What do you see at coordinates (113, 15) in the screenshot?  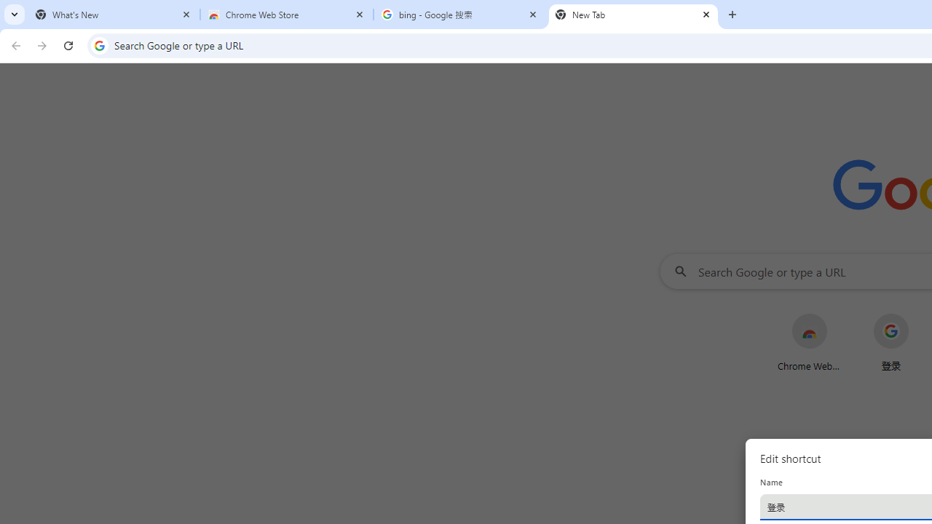 I see `'What'` at bounding box center [113, 15].